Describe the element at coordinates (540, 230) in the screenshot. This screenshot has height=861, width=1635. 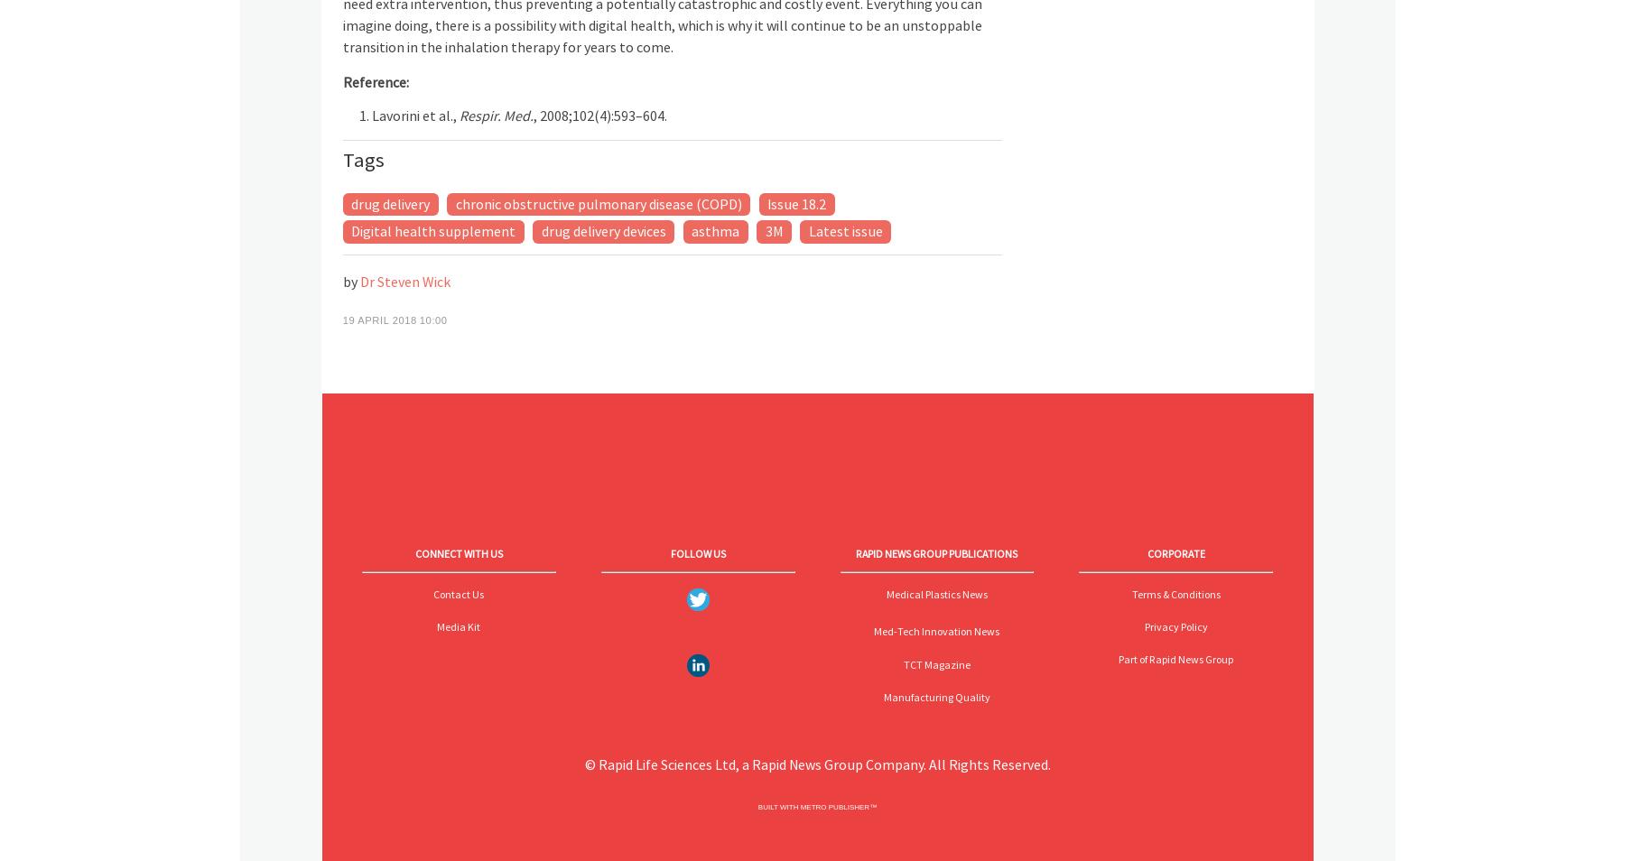
I see `'drug delivery devices'` at that location.